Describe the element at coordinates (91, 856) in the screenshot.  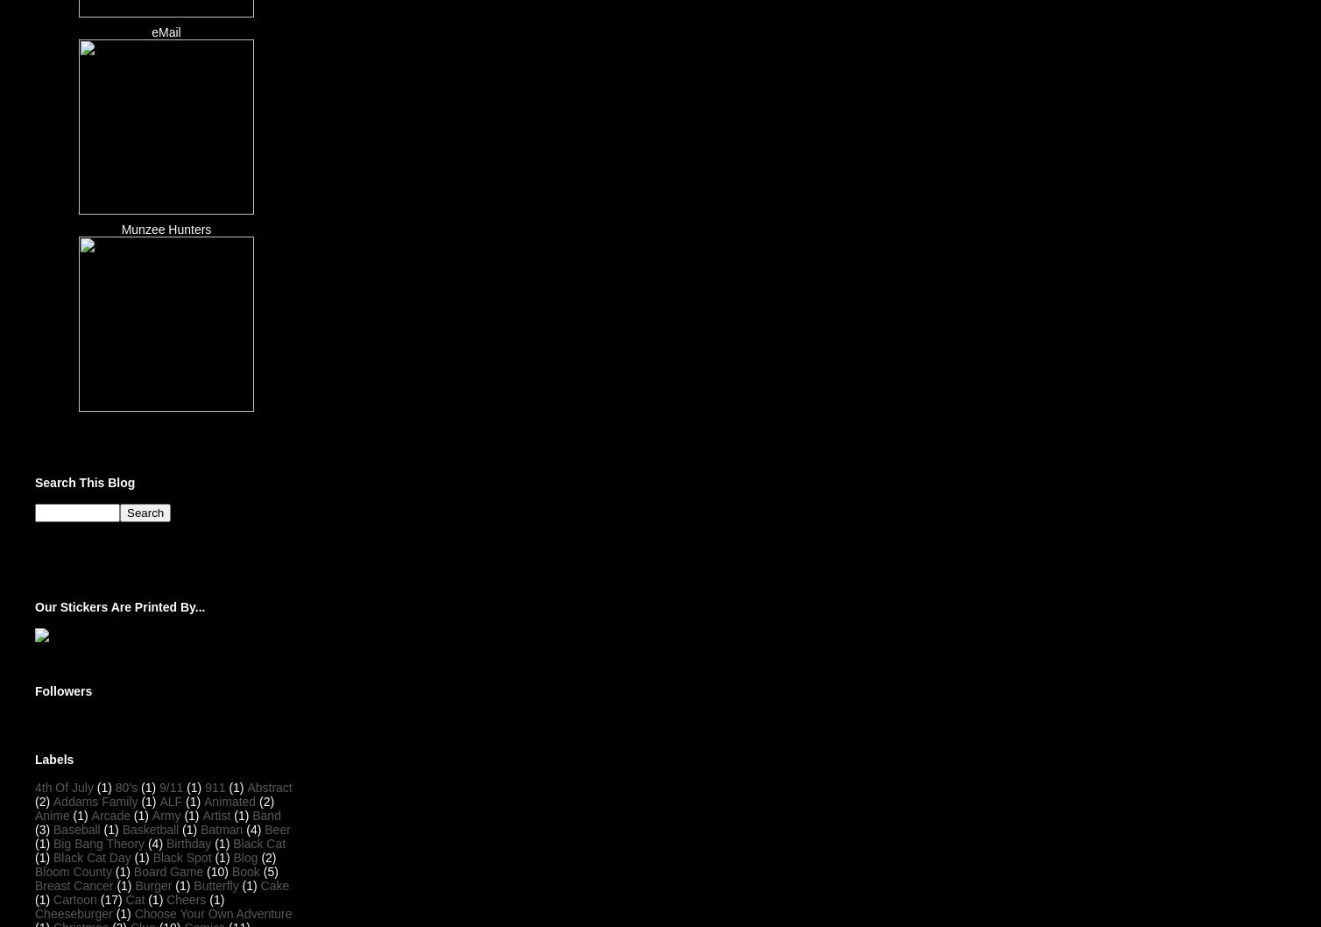
I see `'Black Cat Day'` at that location.